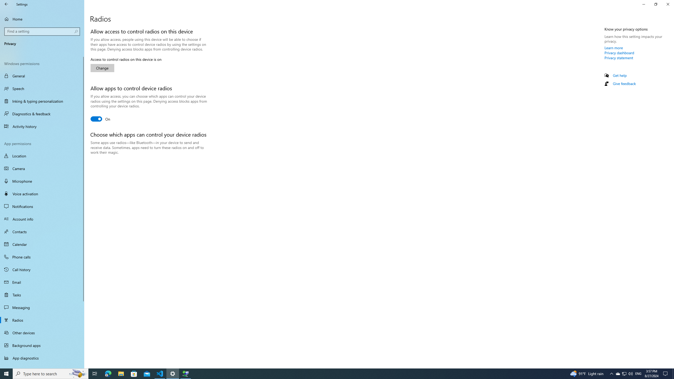 This screenshot has height=379, width=674. Describe the element at coordinates (42, 19) in the screenshot. I see `'Home'` at that location.